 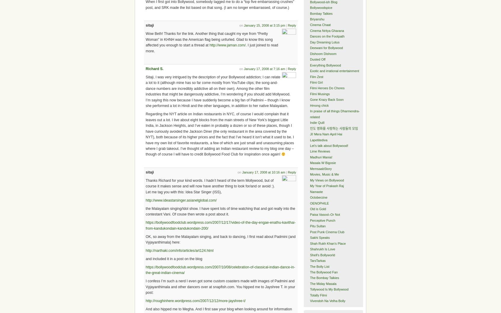 I want to click on 'Lime Reviews', so click(x=309, y=151).